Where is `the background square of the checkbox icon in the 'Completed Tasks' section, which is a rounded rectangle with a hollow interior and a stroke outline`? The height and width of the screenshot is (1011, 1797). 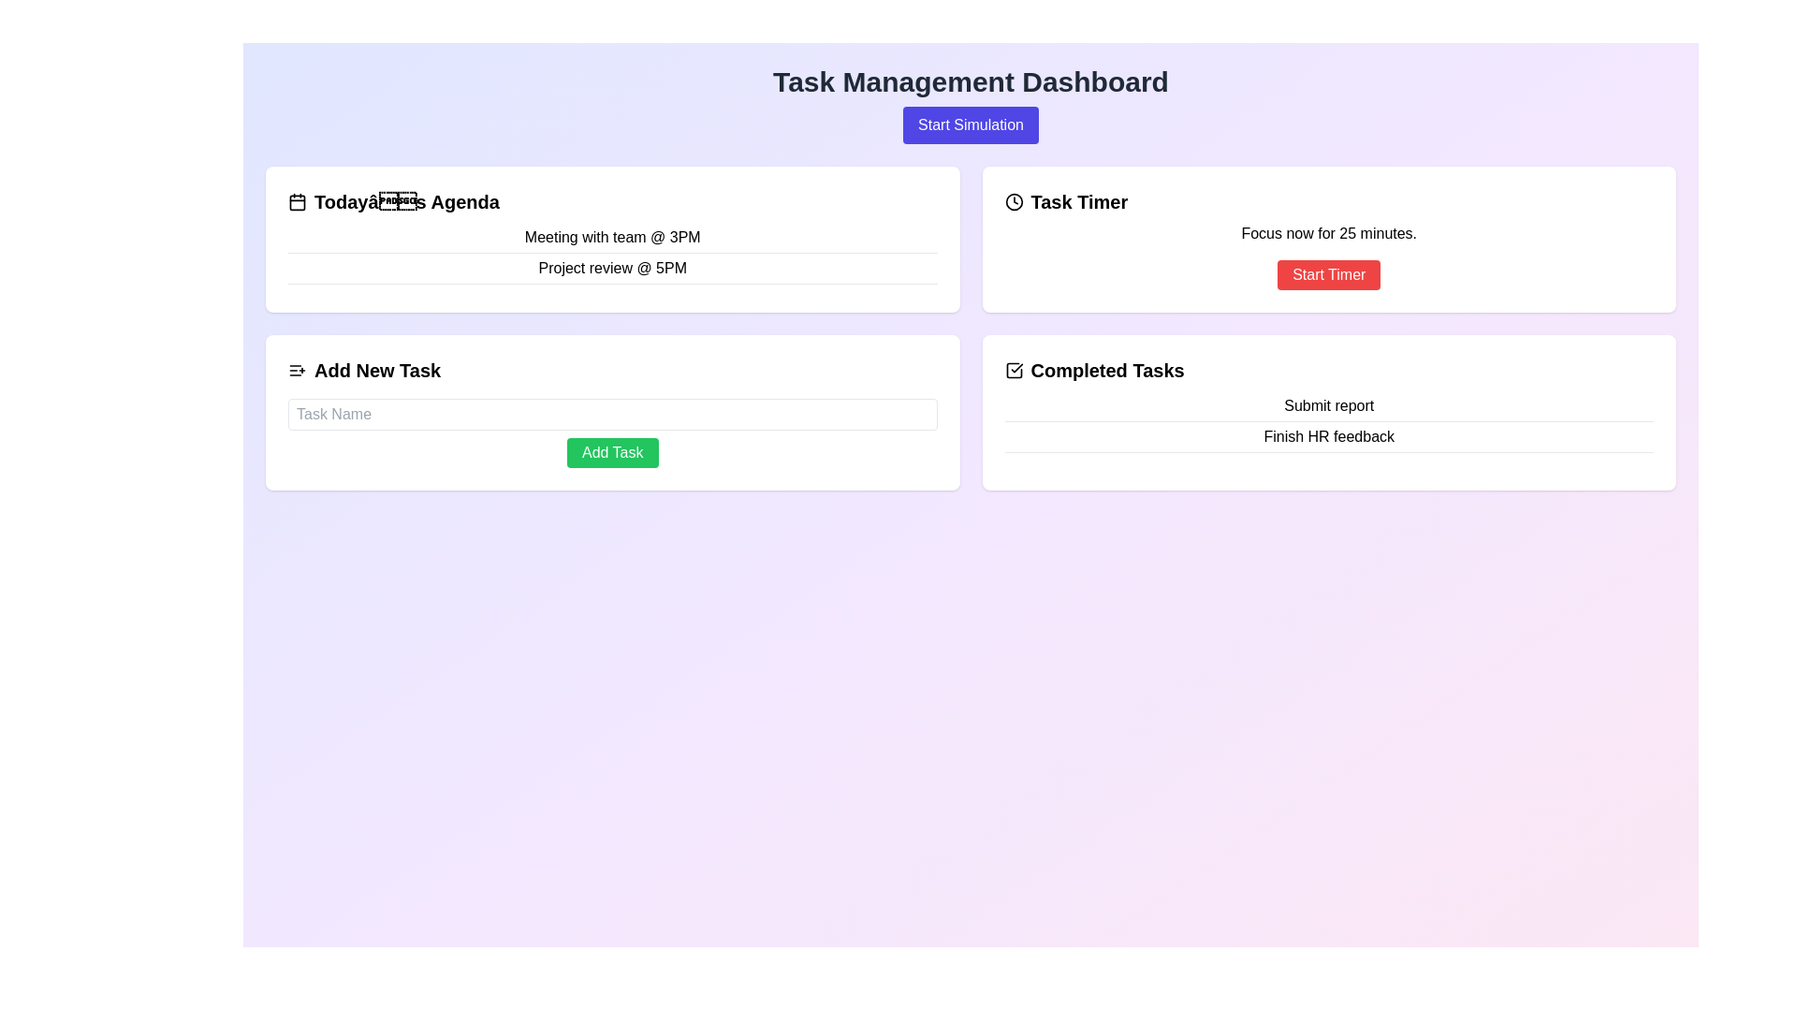
the background square of the checkbox icon in the 'Completed Tasks' section, which is a rounded rectangle with a hollow interior and a stroke outline is located at coordinates (1013, 371).